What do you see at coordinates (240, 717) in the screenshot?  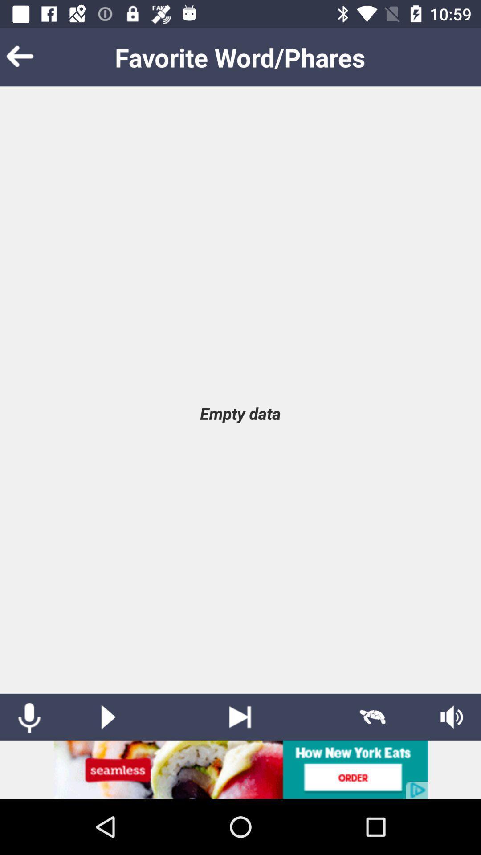 I see `go forward` at bounding box center [240, 717].